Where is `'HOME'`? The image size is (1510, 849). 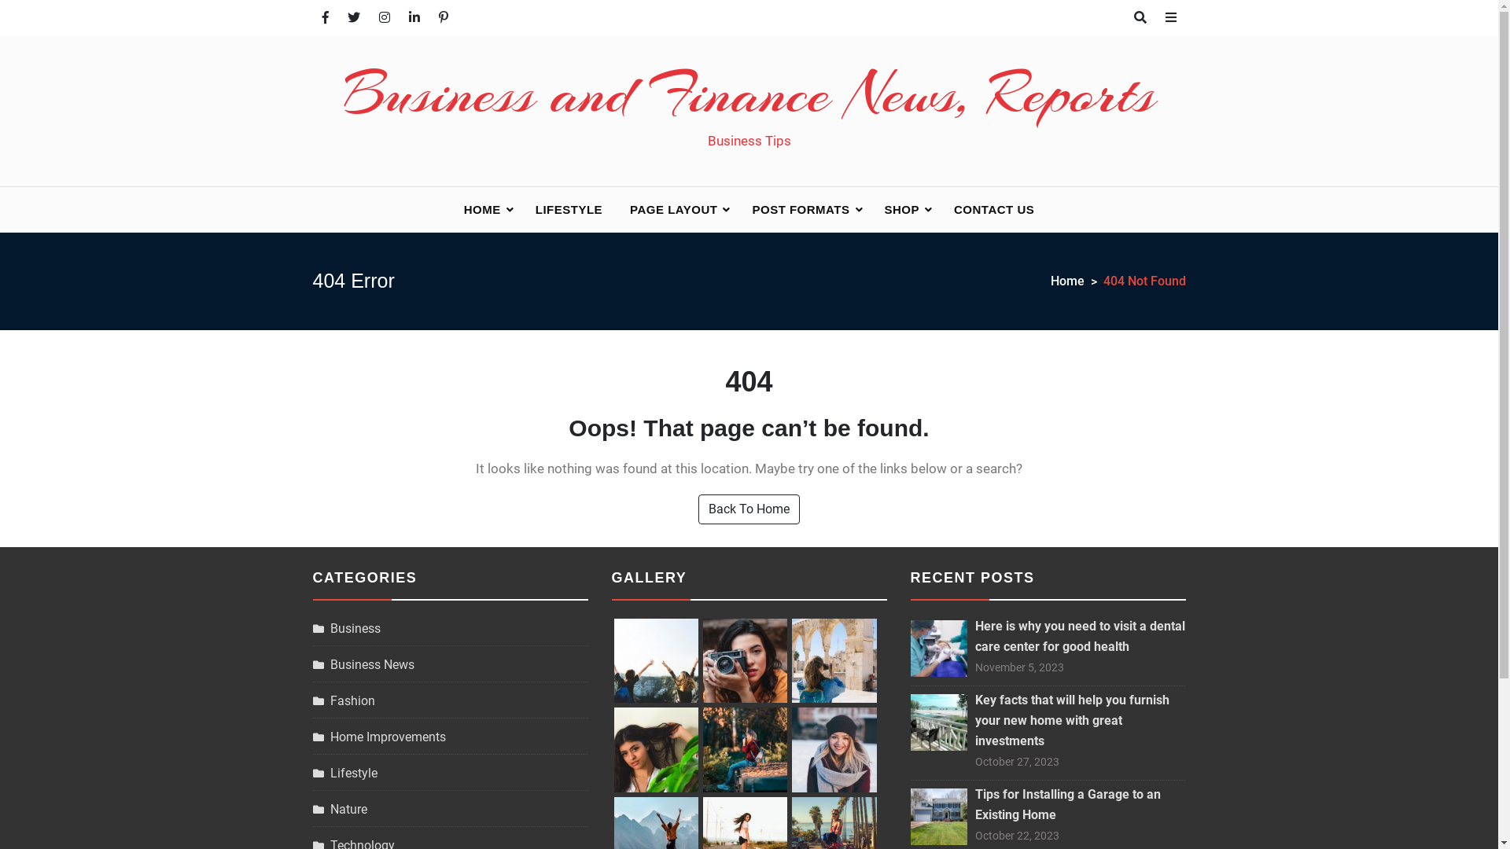
'HOME' is located at coordinates (485, 208).